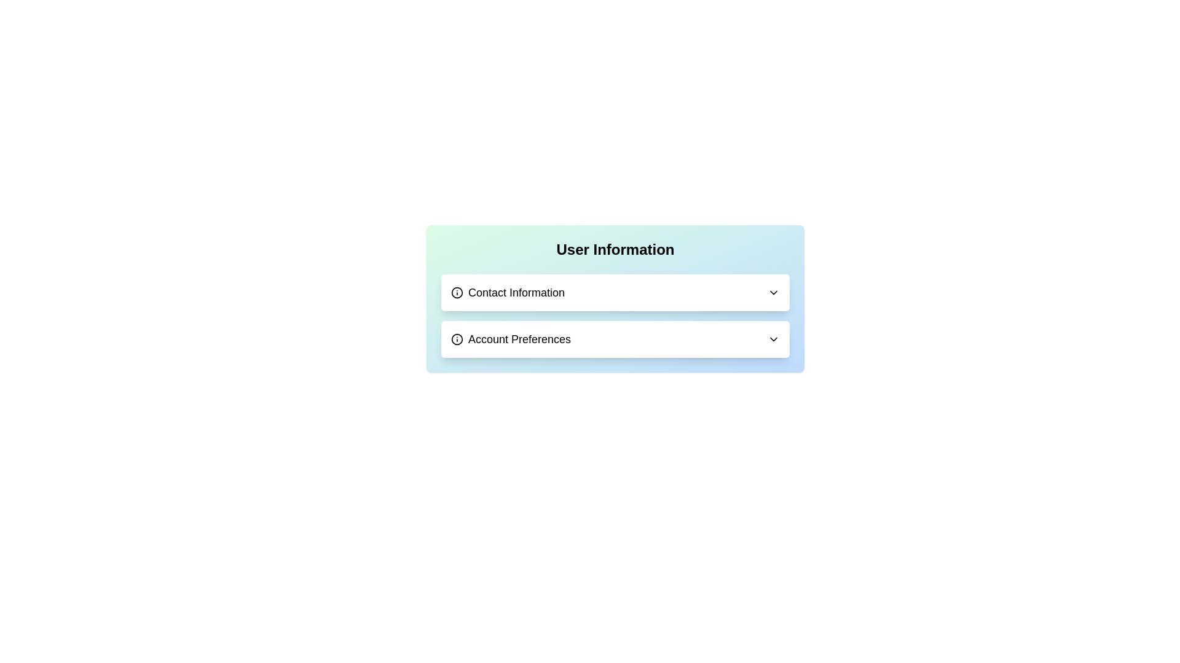  I want to click on the chevron icon for 'Account Preferences', so click(773, 339).